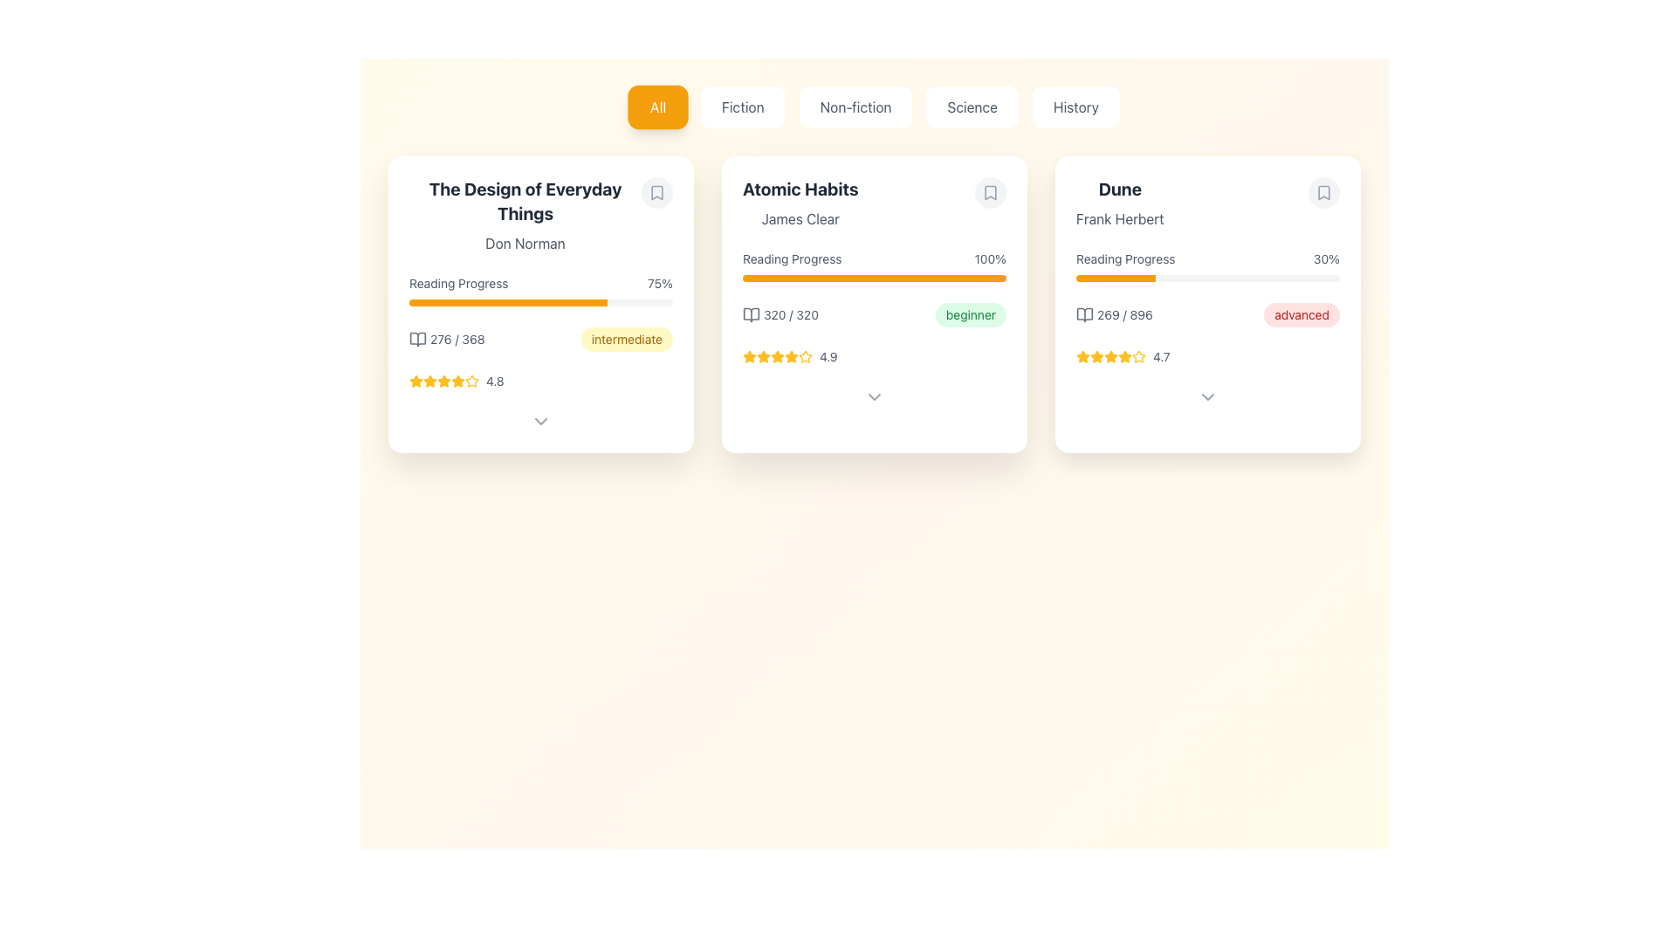  Describe the element at coordinates (1109, 355) in the screenshot. I see `the third yellow five-point star icon in the rating display of the 'Dune' card` at that location.